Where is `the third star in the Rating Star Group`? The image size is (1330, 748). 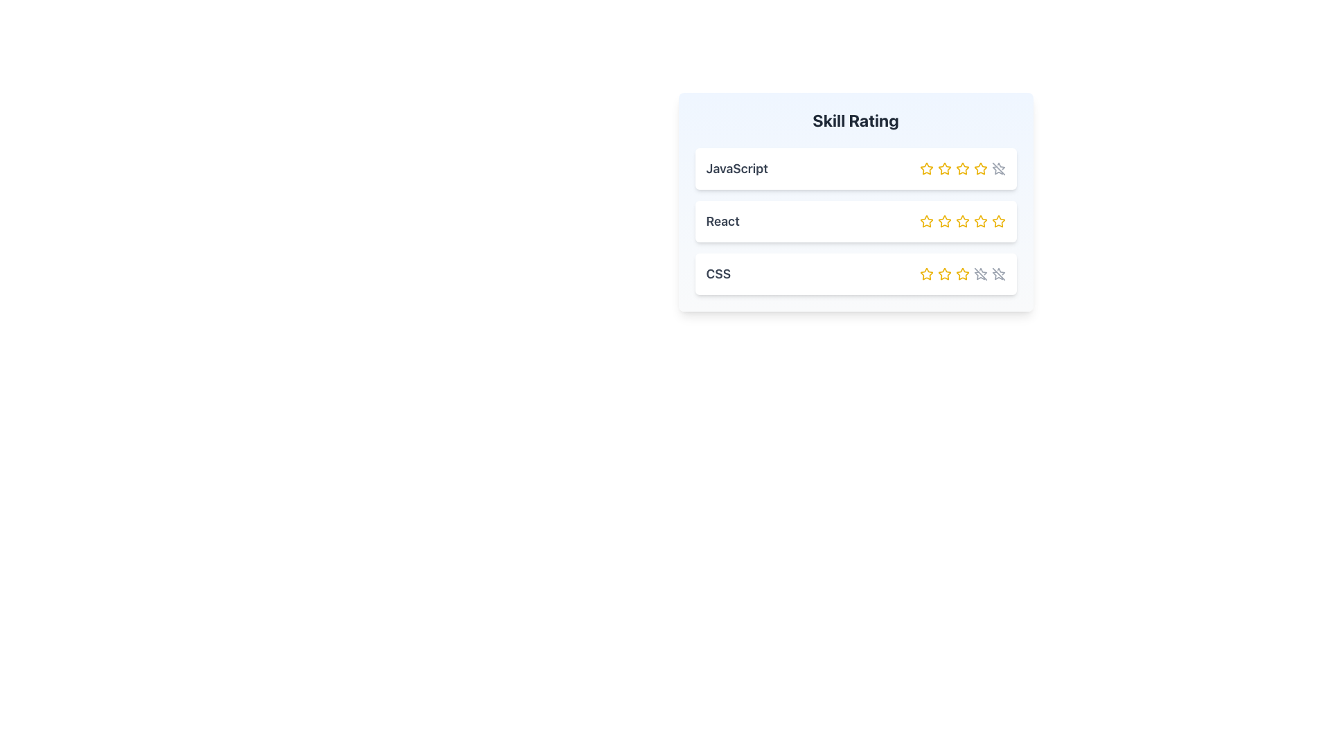 the third star in the Rating Star Group is located at coordinates (961, 274).